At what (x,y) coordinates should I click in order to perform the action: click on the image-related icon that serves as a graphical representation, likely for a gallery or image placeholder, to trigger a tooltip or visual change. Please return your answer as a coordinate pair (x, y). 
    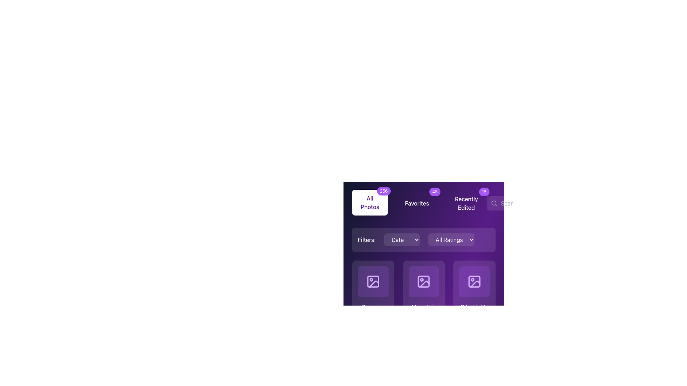
    Looking at the image, I should click on (474, 281).